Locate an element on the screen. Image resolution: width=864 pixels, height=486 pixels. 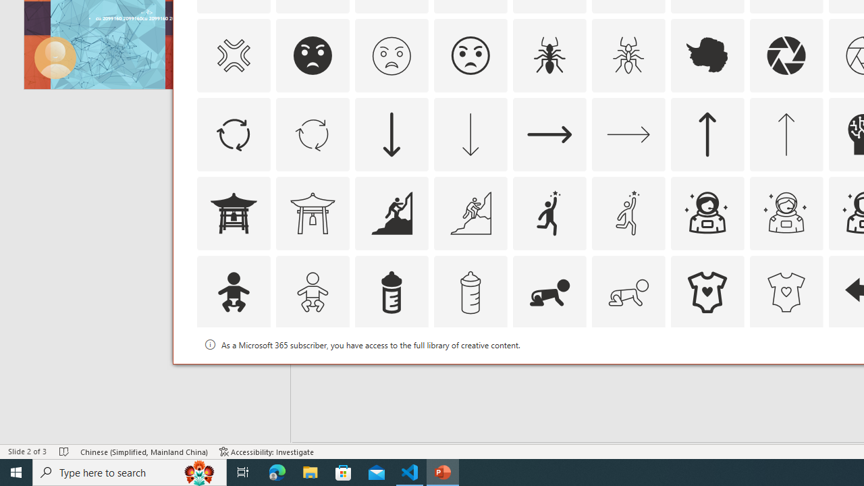
'AutomationID: Icons_AngerSymbol_M' is located at coordinates (233, 55).